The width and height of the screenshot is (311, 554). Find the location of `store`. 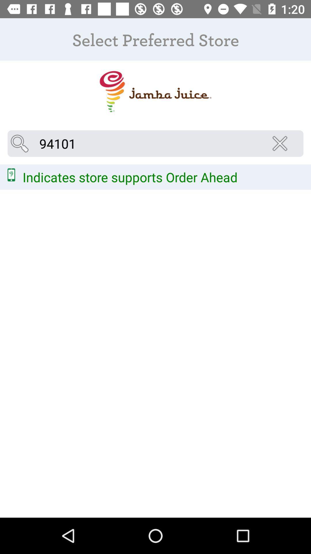

store is located at coordinates (155, 91).